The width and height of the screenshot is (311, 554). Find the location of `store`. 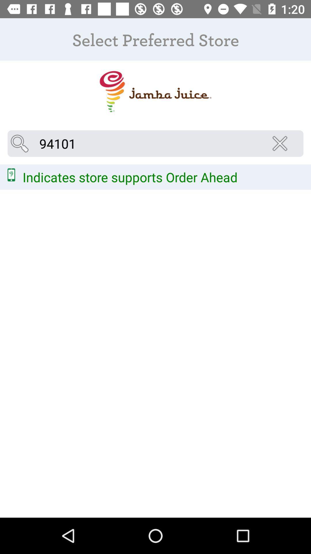

store is located at coordinates (155, 91).